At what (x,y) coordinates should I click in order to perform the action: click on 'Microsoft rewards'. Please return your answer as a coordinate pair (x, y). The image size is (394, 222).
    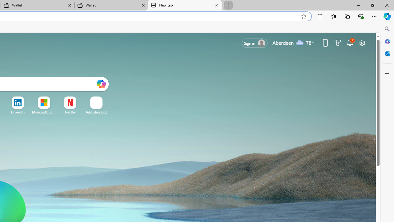
    Looking at the image, I should click on (337, 42).